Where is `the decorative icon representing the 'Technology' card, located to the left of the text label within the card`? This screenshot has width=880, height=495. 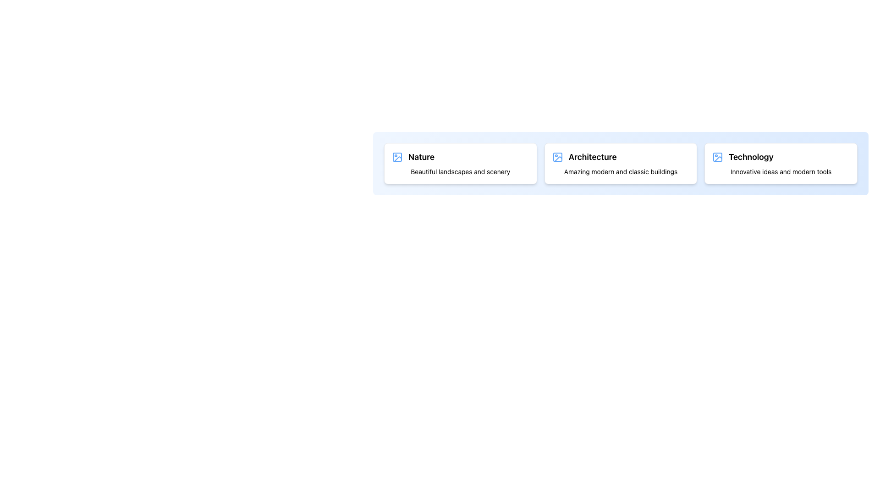
the decorative icon representing the 'Technology' card, located to the left of the text label within the card is located at coordinates (717, 157).